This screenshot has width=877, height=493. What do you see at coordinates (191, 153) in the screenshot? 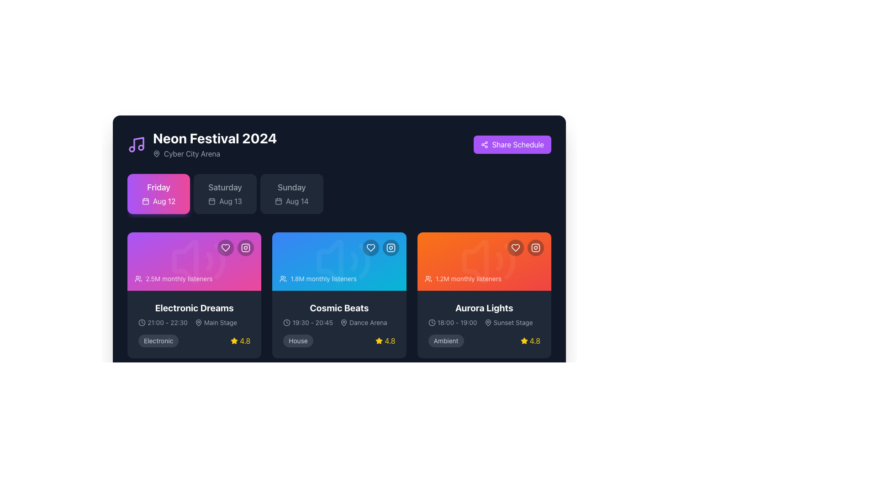
I see `the text label reading 'Cyber City Arena', which is in light gray font on a dark background, located below the main heading 'Neon Festival 2024'` at bounding box center [191, 153].